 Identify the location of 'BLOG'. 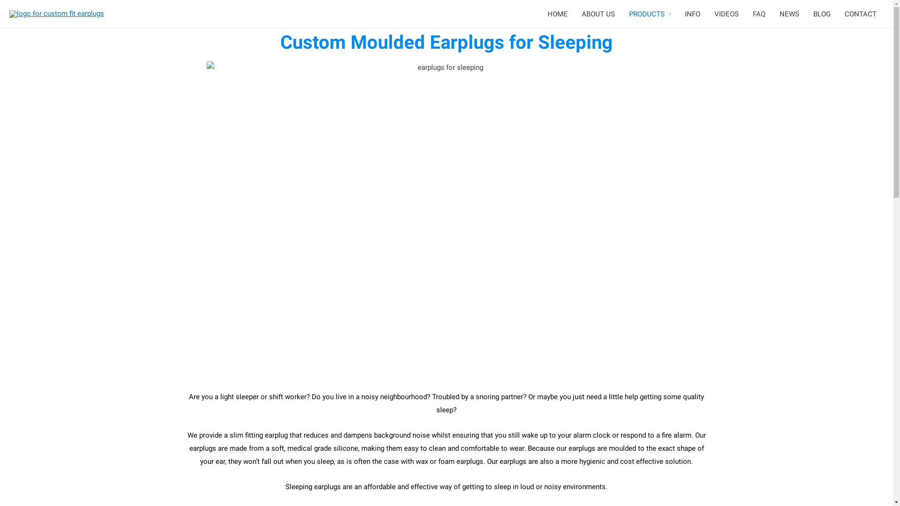
(821, 14).